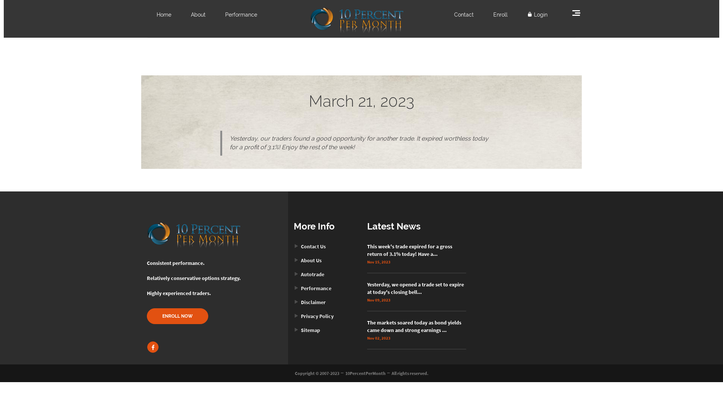 The height and width of the screenshot is (407, 723). I want to click on 'Contact', so click(464, 14).